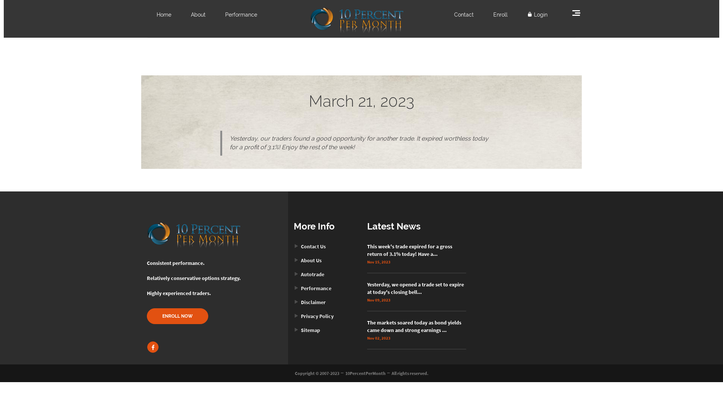 The height and width of the screenshot is (407, 723). I want to click on 'Contact', so click(464, 14).